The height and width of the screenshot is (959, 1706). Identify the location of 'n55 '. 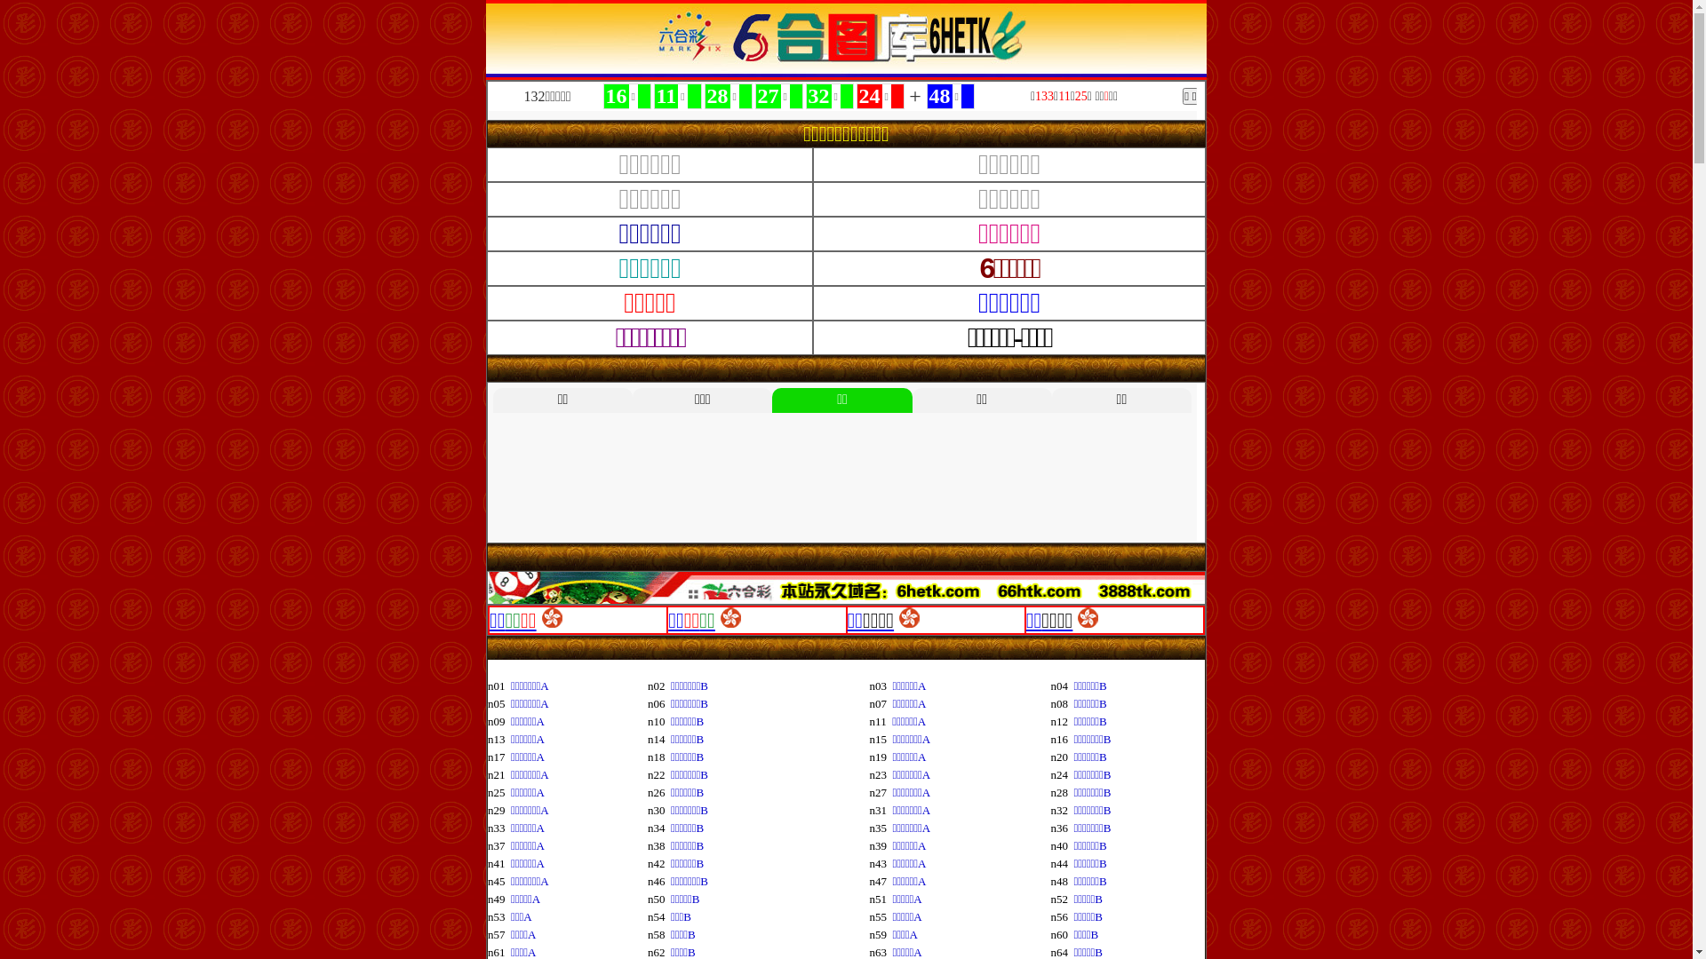
(881, 916).